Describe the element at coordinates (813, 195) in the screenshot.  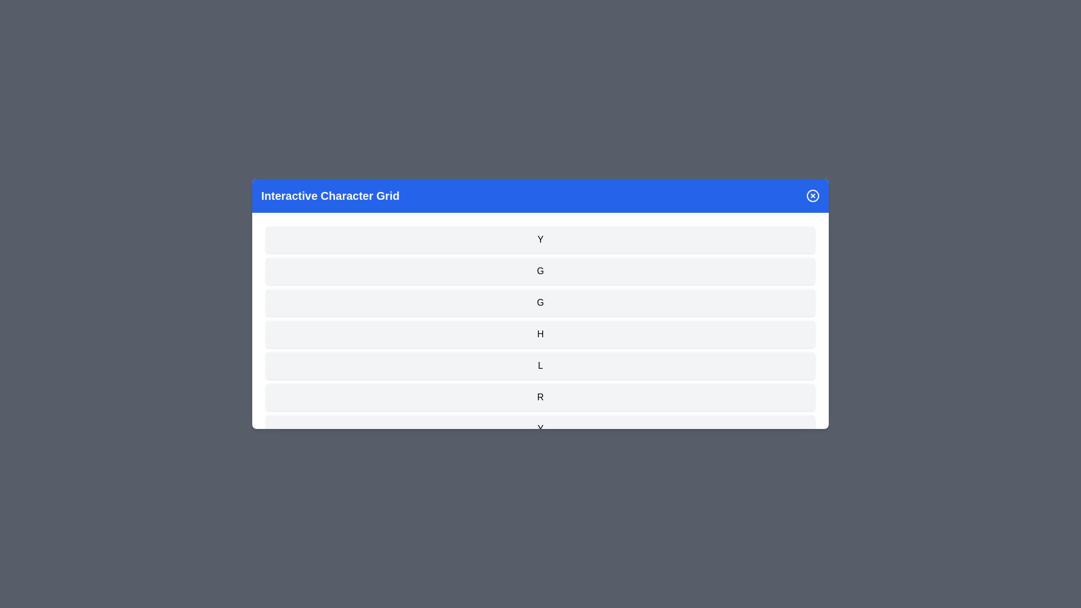
I see `close button to dismiss the dialog` at that location.